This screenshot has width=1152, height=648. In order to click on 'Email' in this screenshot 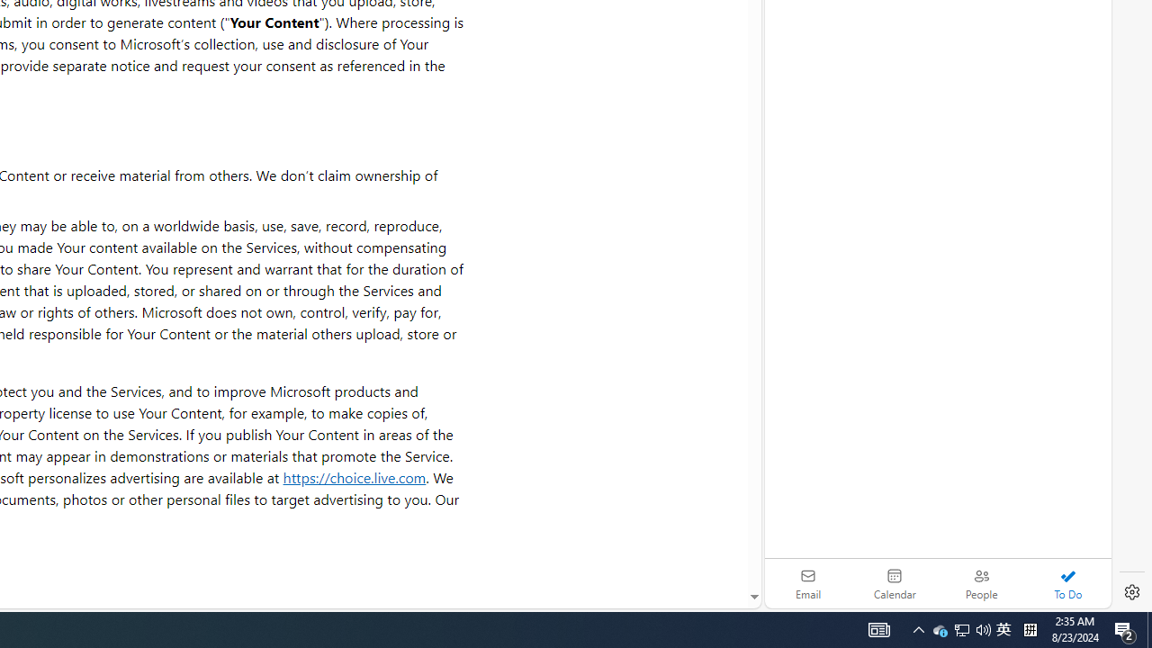, I will do `click(807, 583)`.